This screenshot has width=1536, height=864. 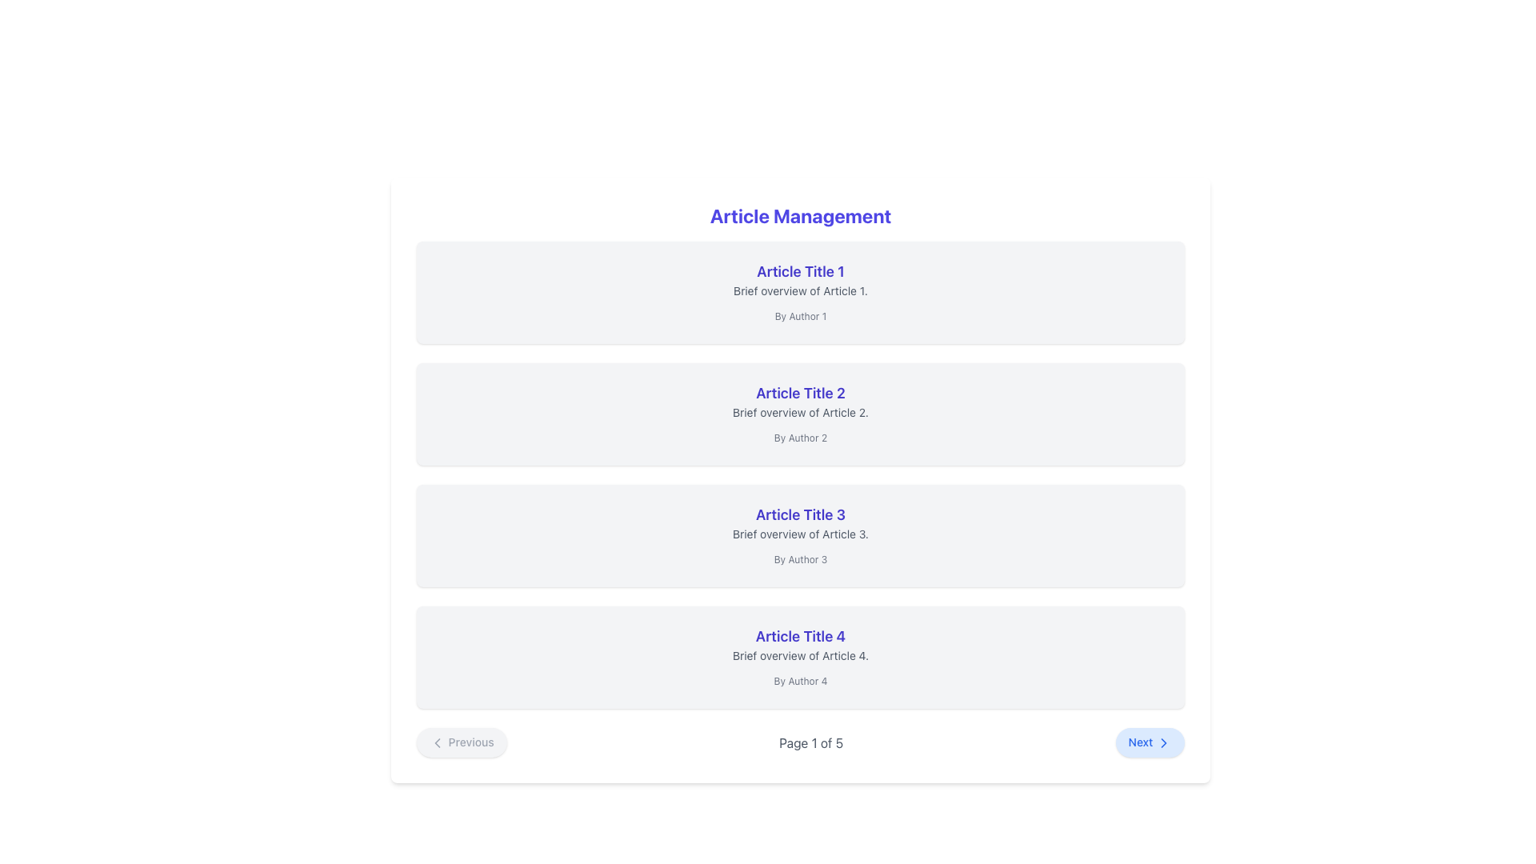 I want to click on the fourth informational card located at the bottom of the grid, so click(x=801, y=657).